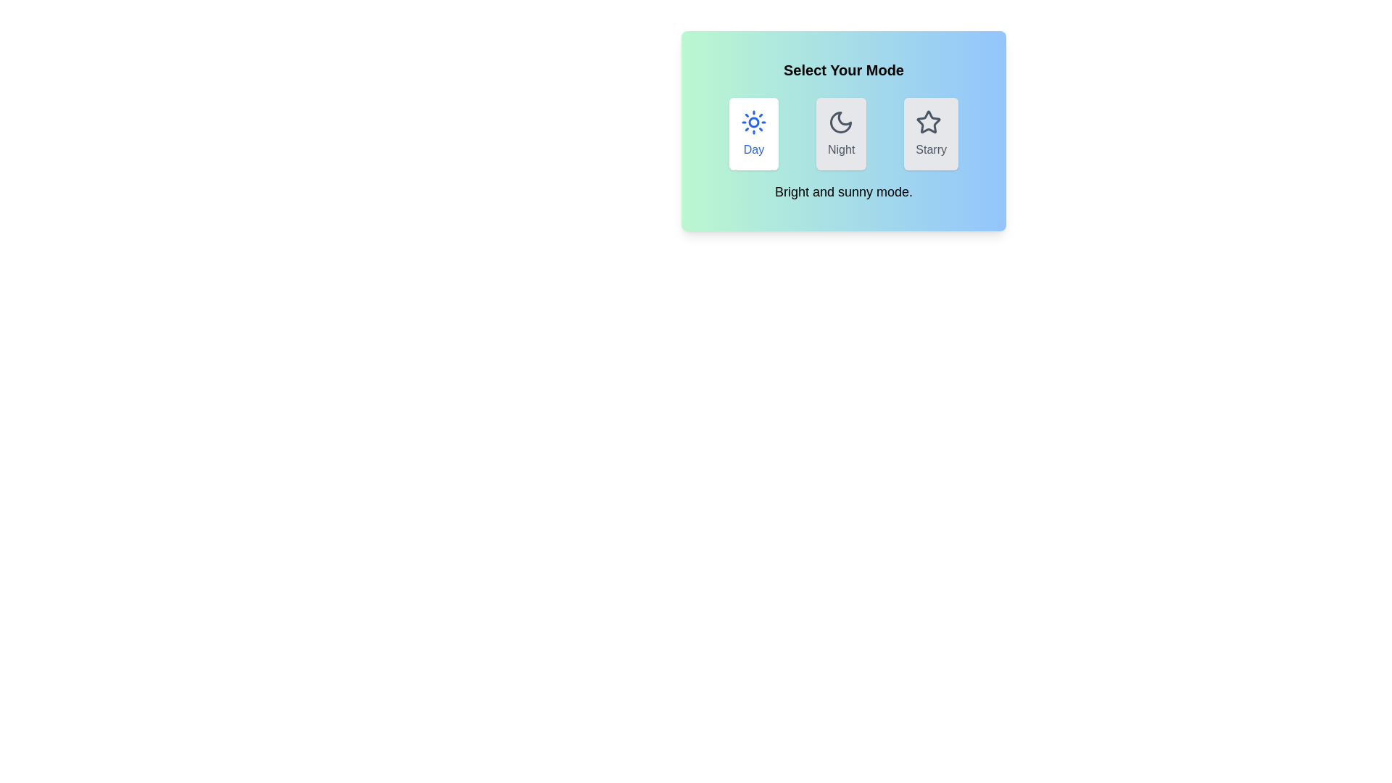 The height and width of the screenshot is (783, 1392). Describe the element at coordinates (841, 134) in the screenshot. I see `the mode by clicking on the button labeled Night` at that location.